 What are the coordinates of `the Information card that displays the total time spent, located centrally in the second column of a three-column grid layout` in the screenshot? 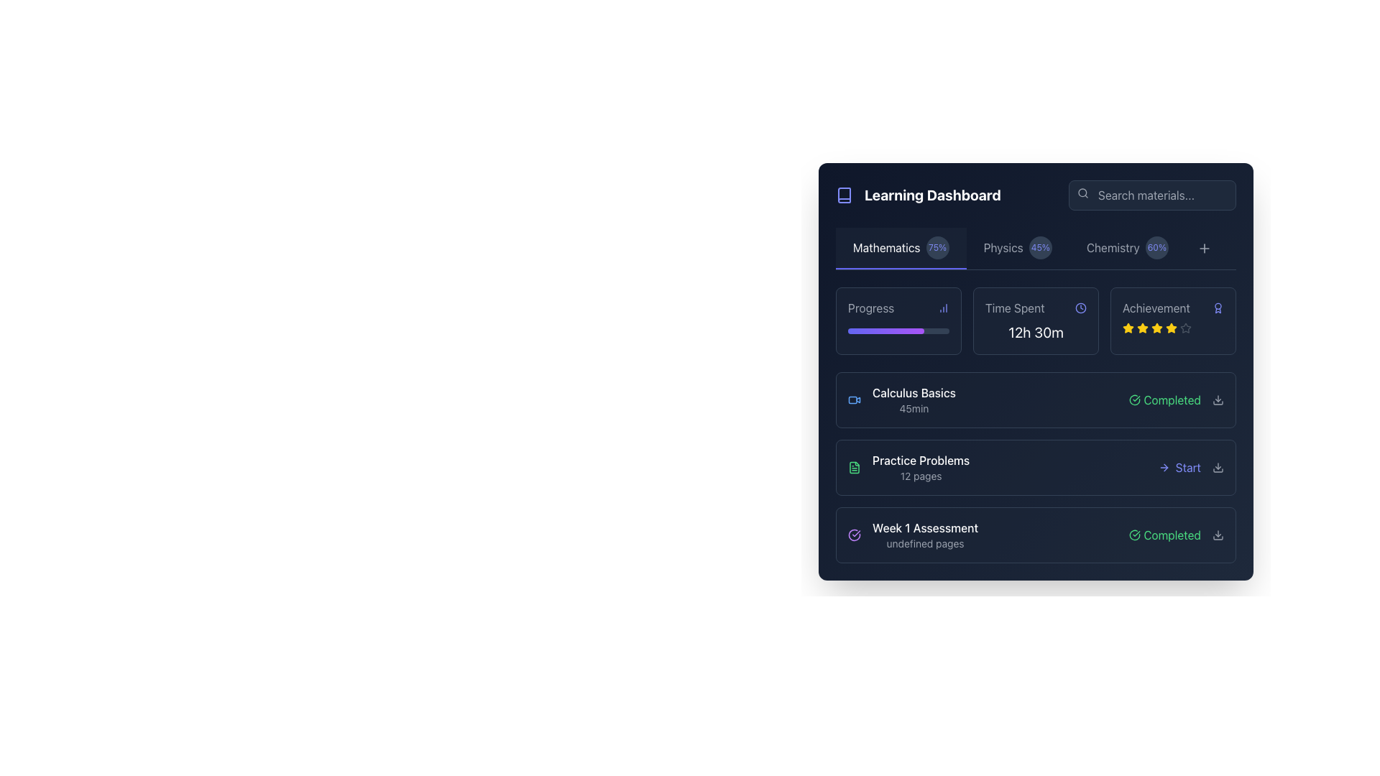 It's located at (1036, 320).